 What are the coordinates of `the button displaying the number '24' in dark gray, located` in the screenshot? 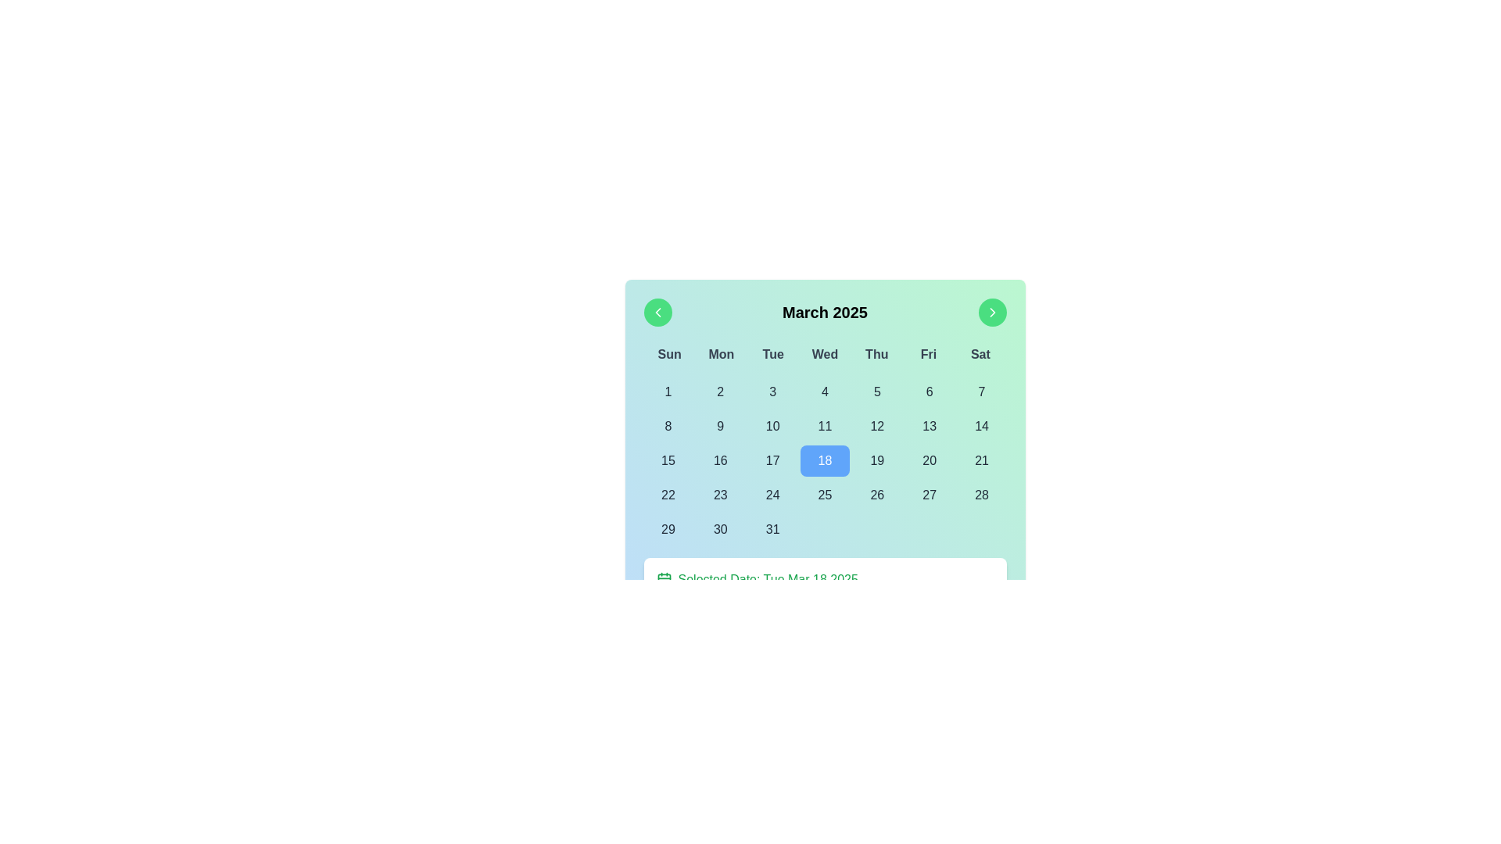 It's located at (772, 495).